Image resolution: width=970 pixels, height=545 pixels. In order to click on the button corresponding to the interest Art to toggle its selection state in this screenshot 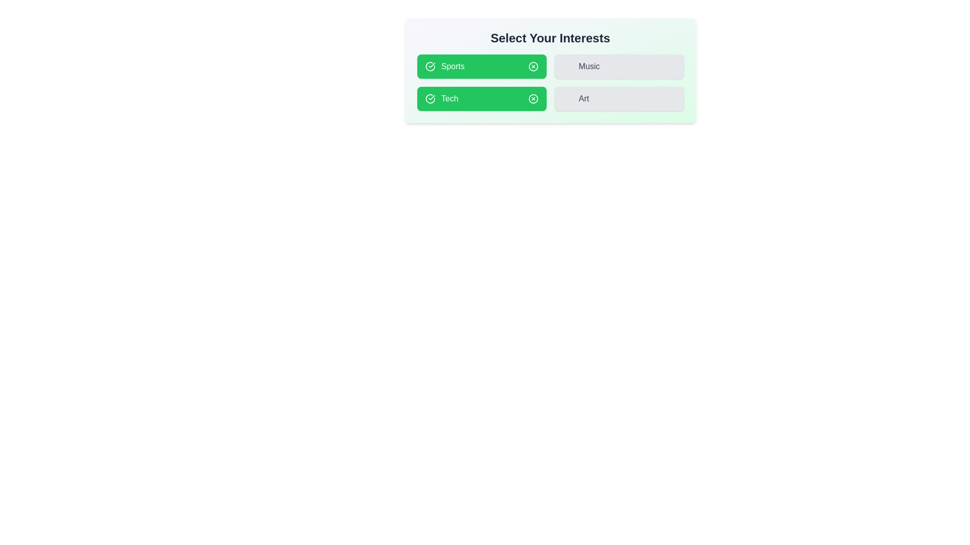, I will do `click(618, 99)`.